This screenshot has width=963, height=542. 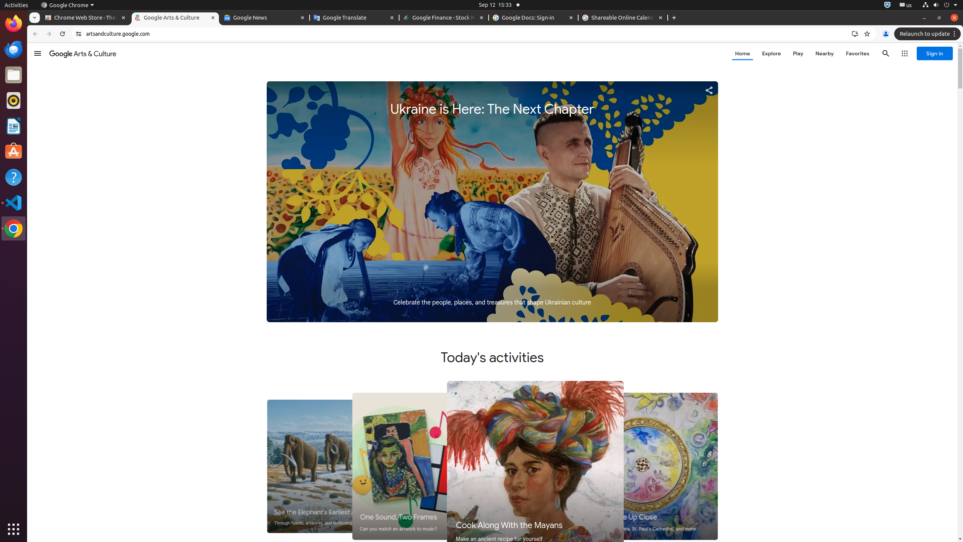 I want to click on 'Search', so click(x=885, y=53).